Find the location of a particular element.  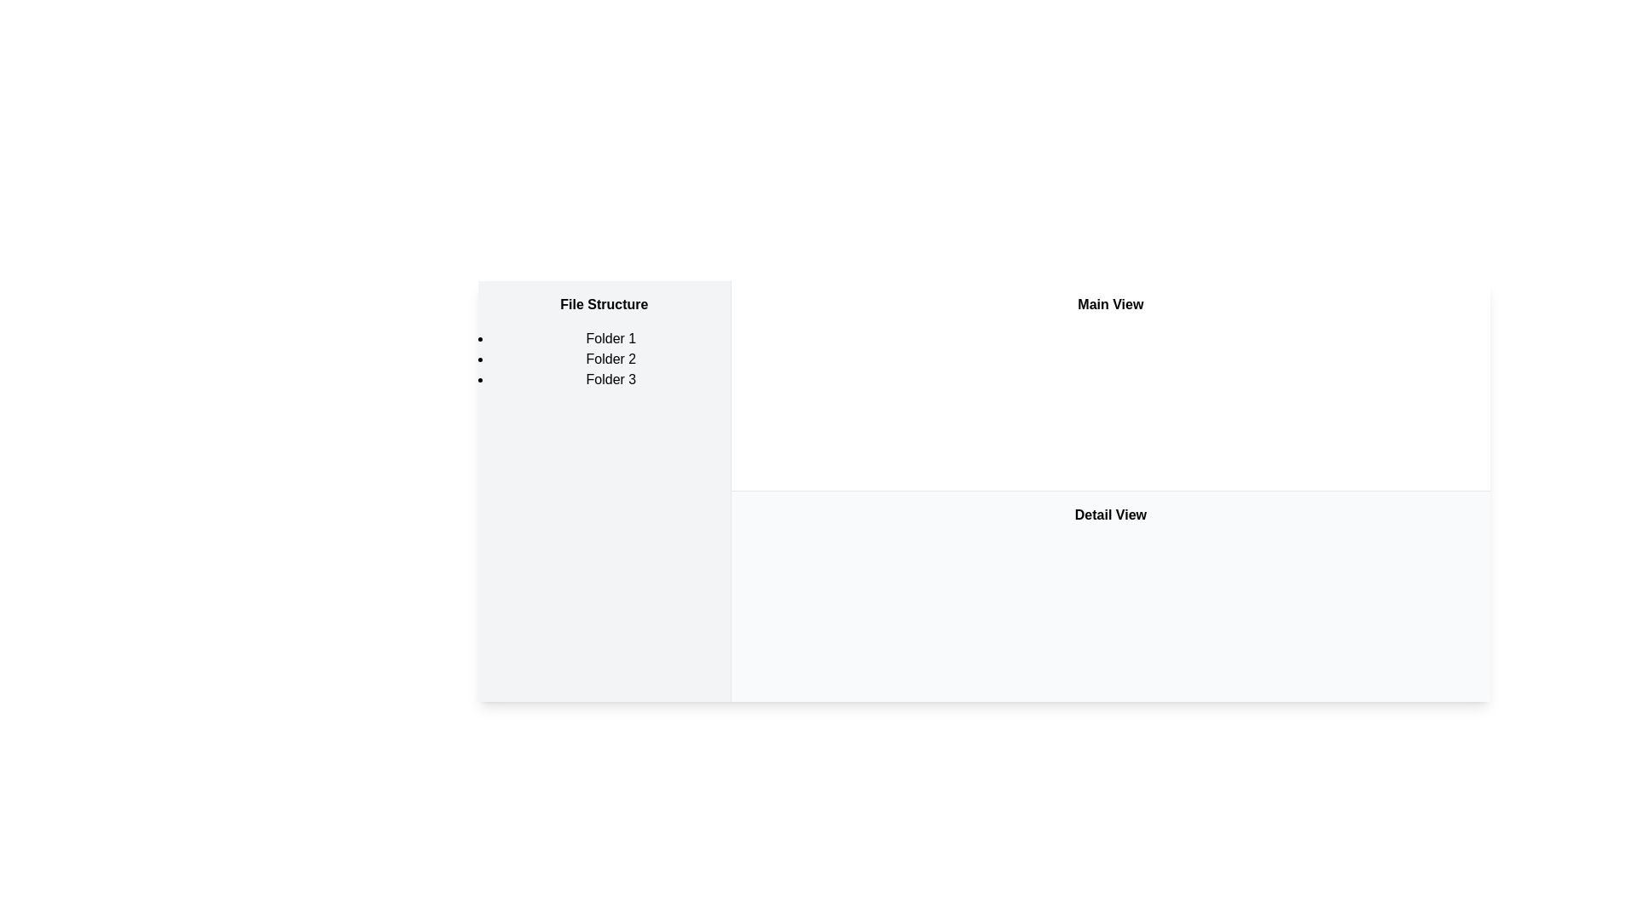

text label representing 'Folder 2', which is the second item in a vertical list of folder labels is located at coordinates (610, 358).